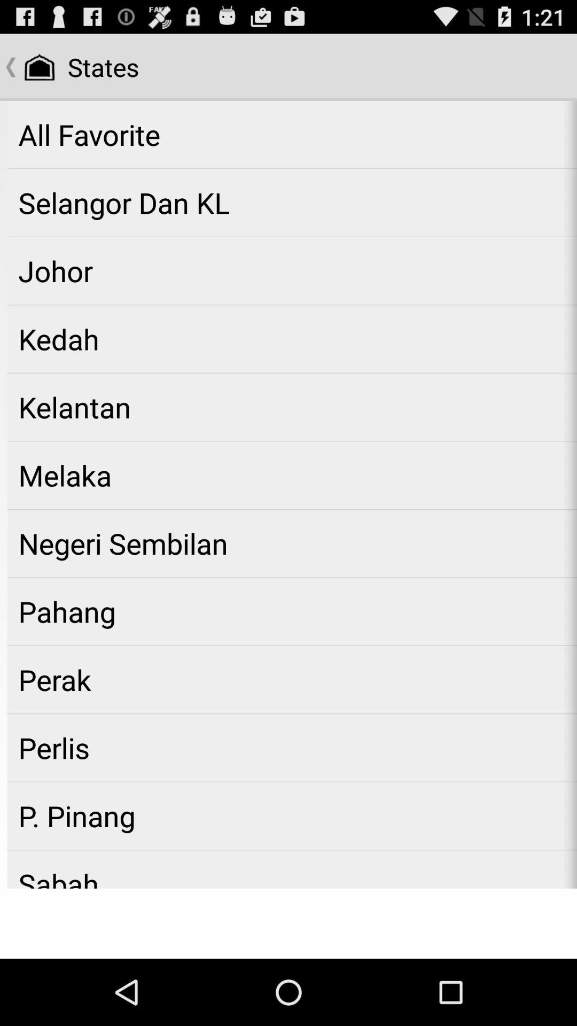 The image size is (577, 1026). What do you see at coordinates (292, 869) in the screenshot?
I see `icon below p. pinang` at bounding box center [292, 869].